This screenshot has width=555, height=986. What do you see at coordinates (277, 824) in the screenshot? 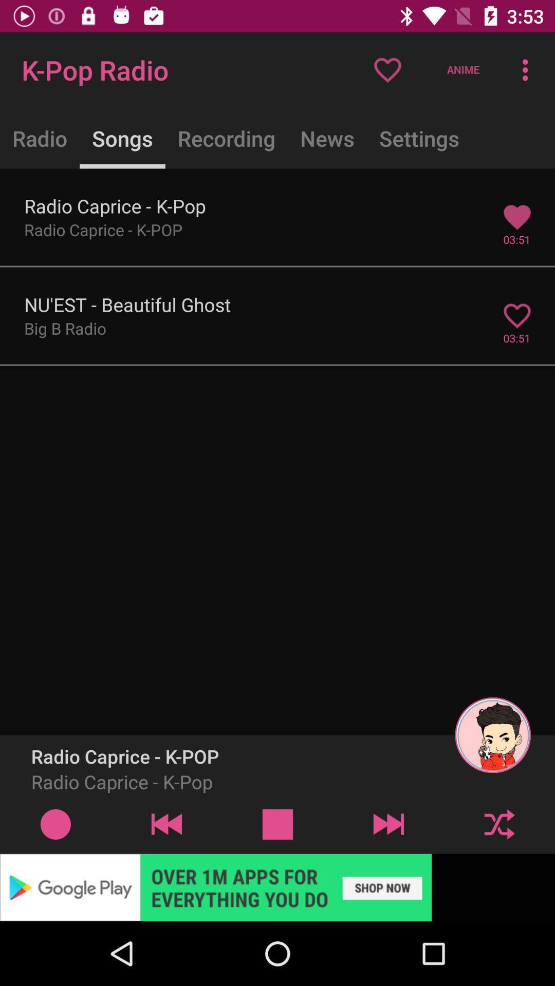
I see `the stop button on the web page` at bounding box center [277, 824].